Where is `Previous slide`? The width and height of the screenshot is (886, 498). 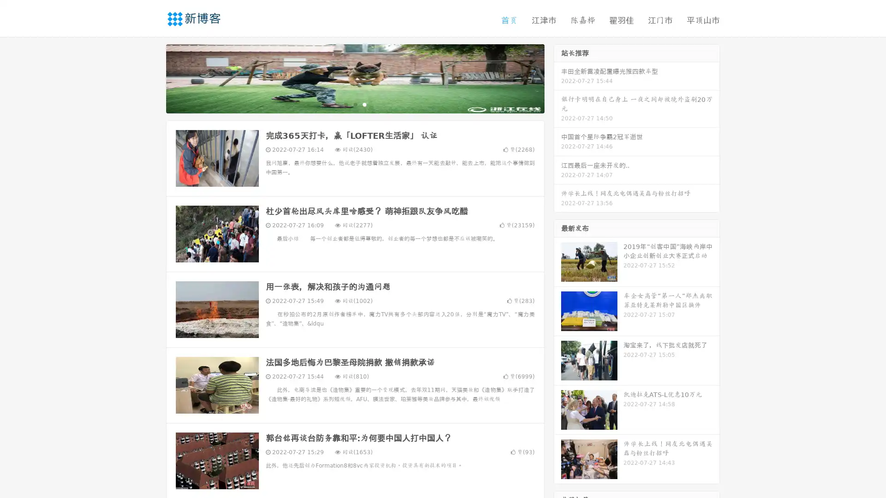
Previous slide is located at coordinates (152, 77).